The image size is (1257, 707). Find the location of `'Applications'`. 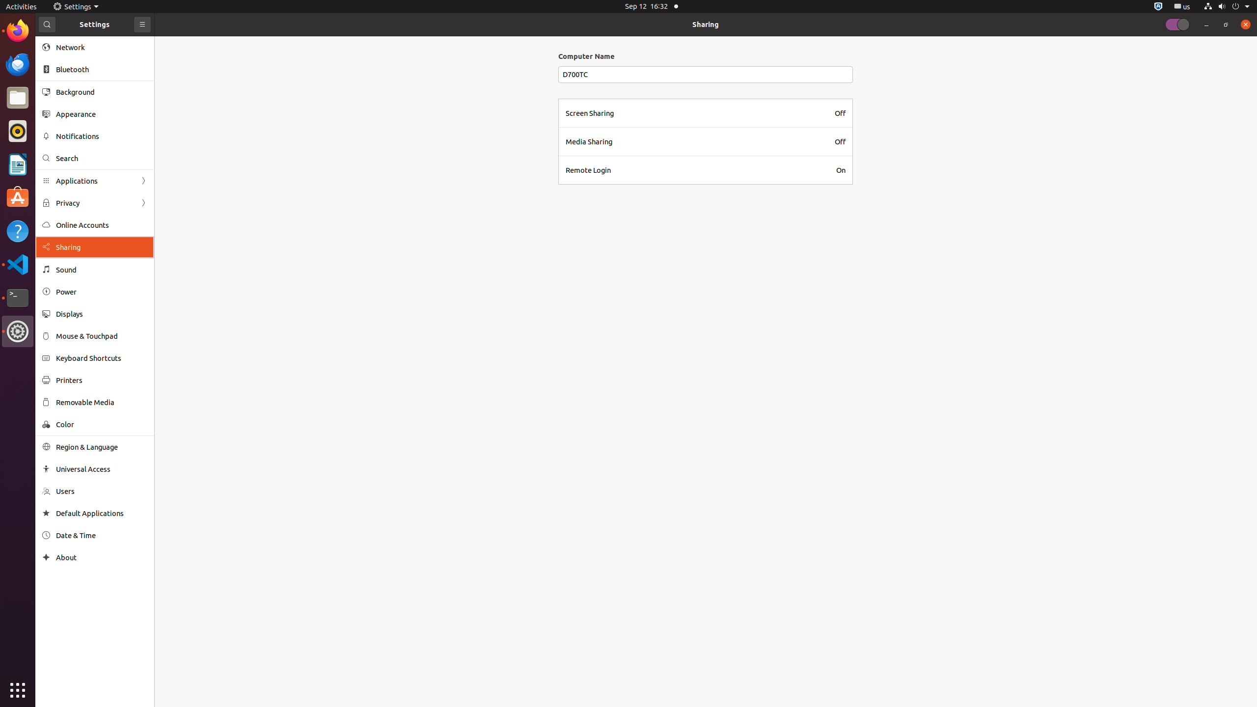

'Applications' is located at coordinates (94, 180).